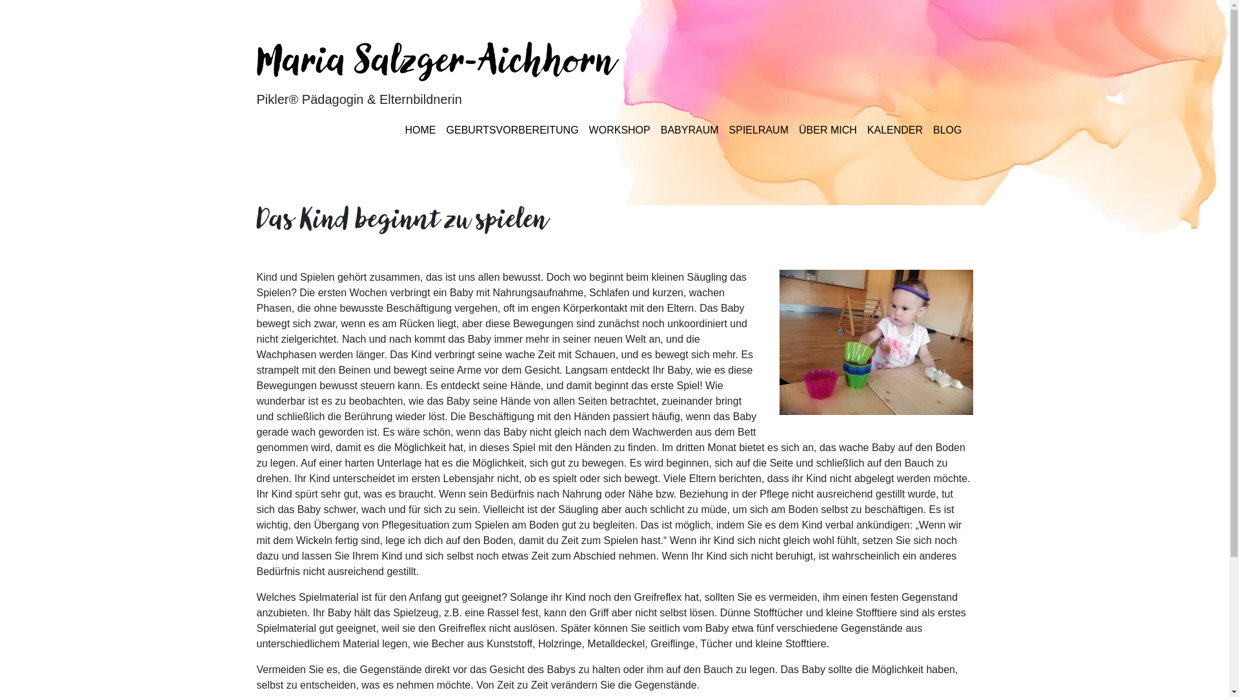  What do you see at coordinates (619, 130) in the screenshot?
I see `'WORKSHOP'` at bounding box center [619, 130].